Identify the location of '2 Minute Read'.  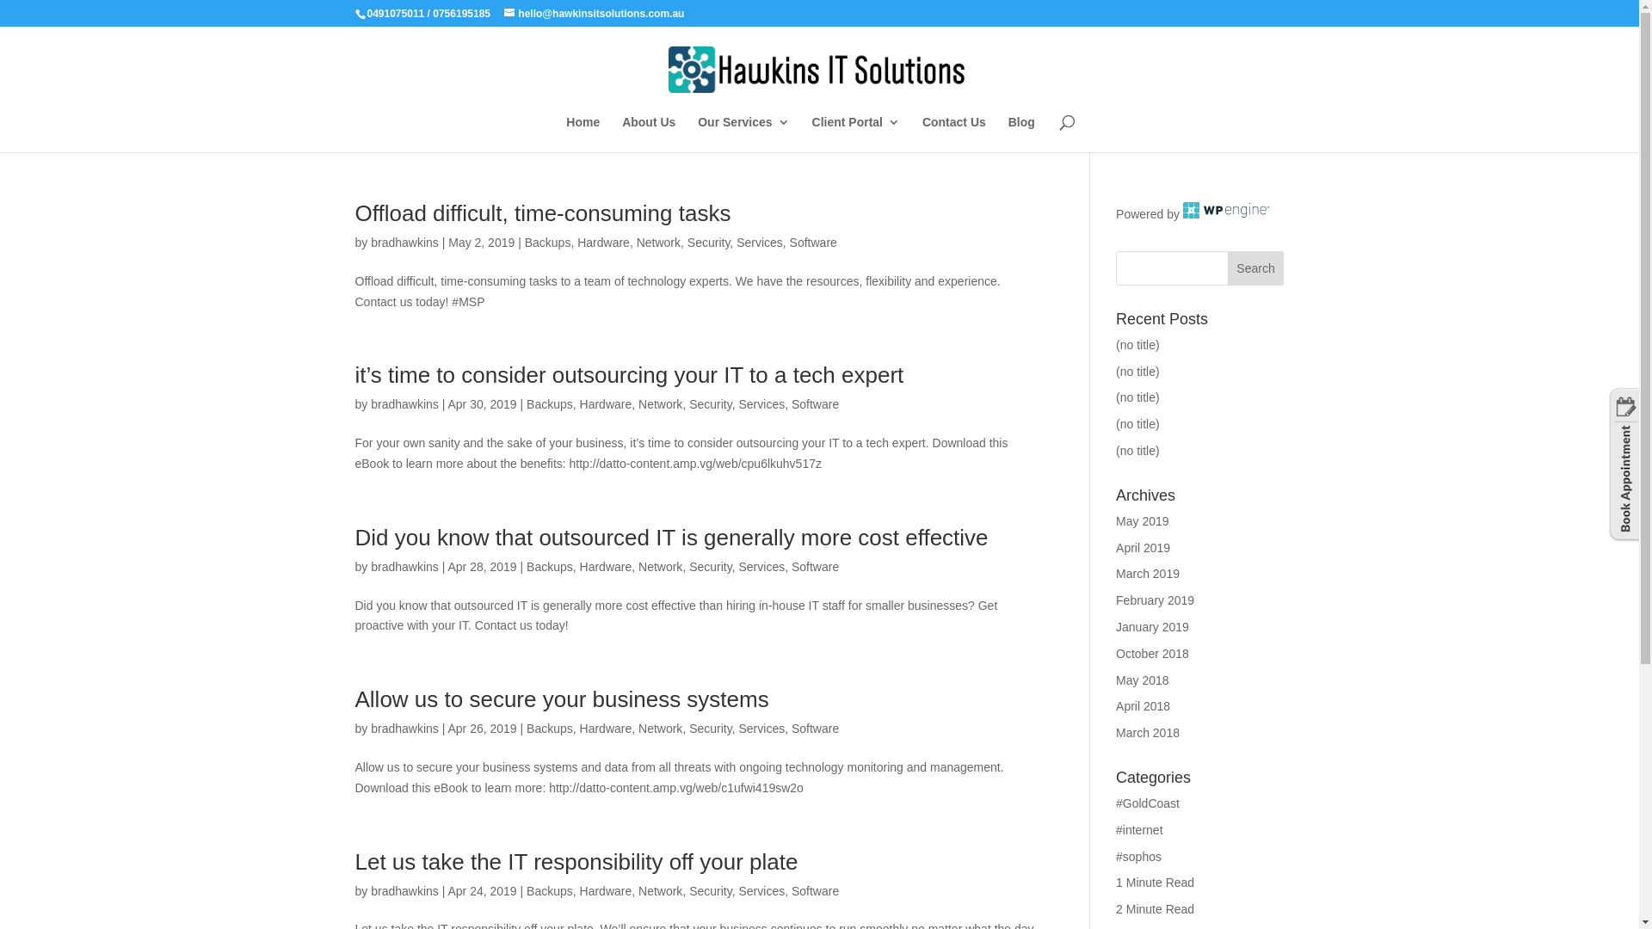
(1115, 907).